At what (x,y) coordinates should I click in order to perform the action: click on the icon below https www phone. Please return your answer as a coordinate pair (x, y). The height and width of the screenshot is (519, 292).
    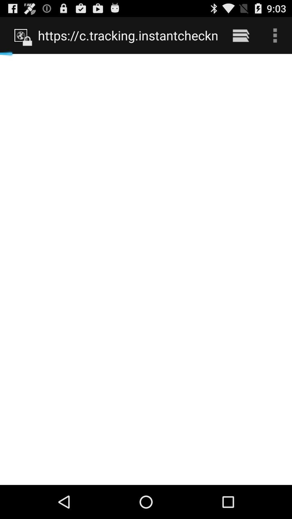
    Looking at the image, I should click on (146, 269).